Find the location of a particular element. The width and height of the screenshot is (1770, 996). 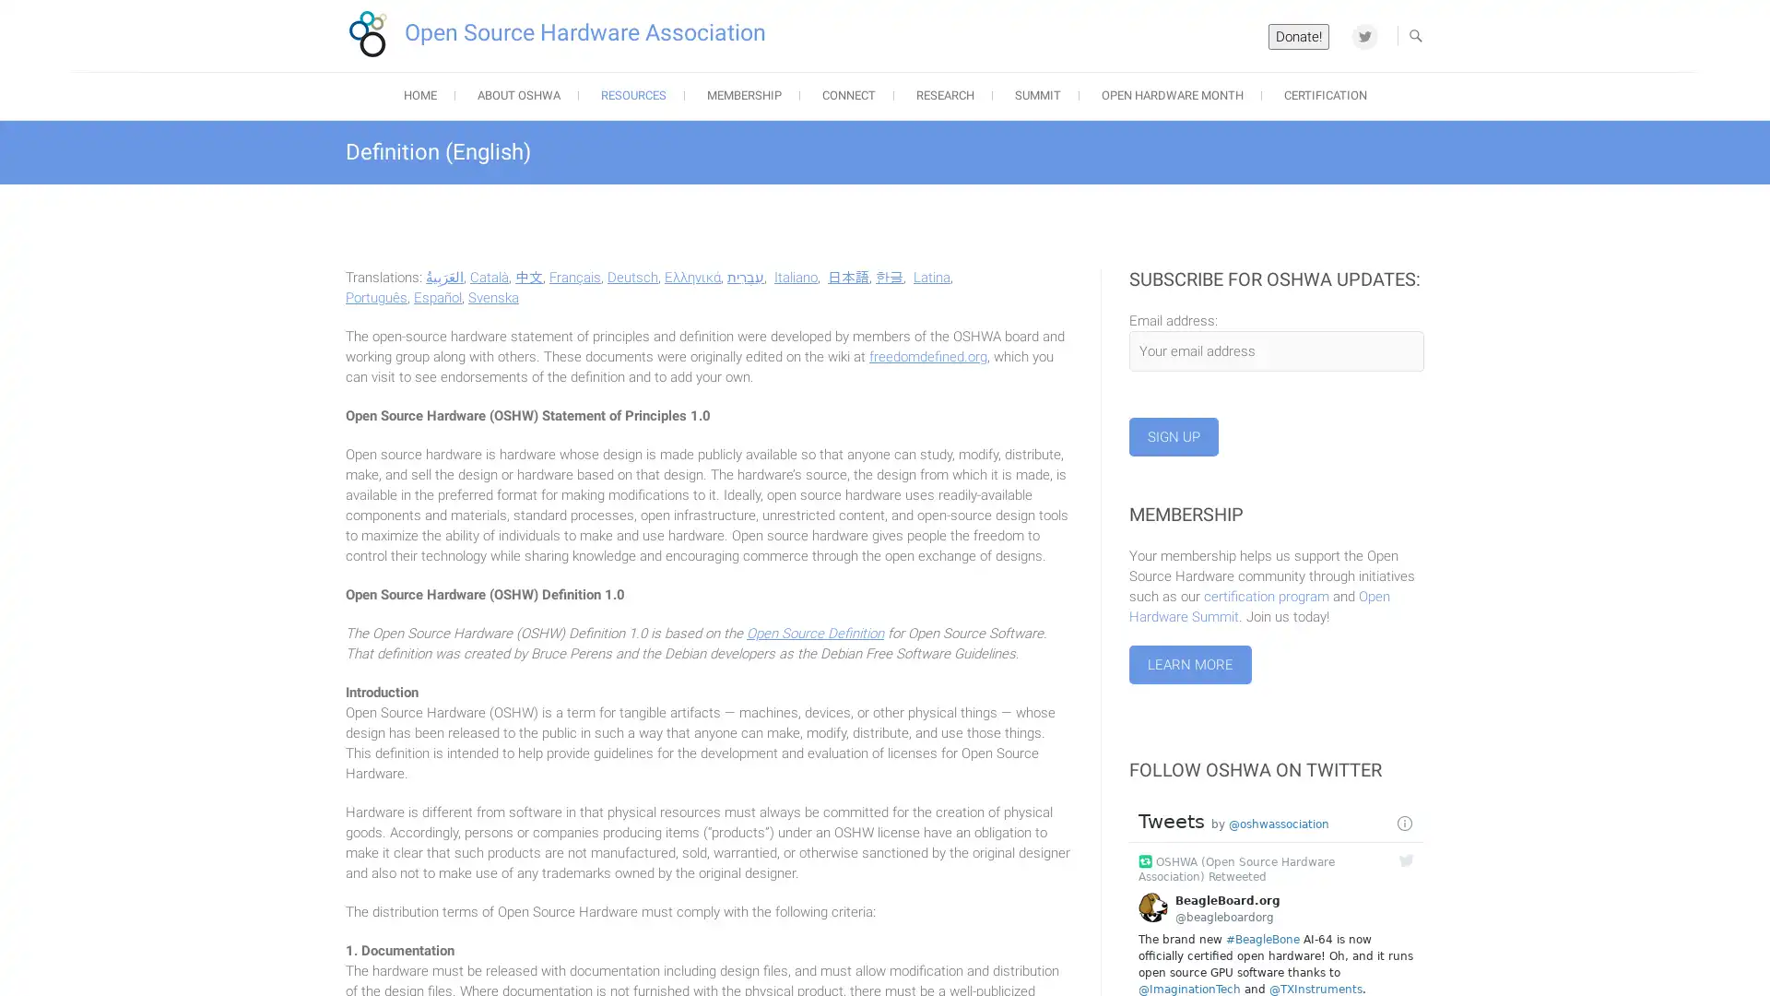

Donate! is located at coordinates (1298, 36).